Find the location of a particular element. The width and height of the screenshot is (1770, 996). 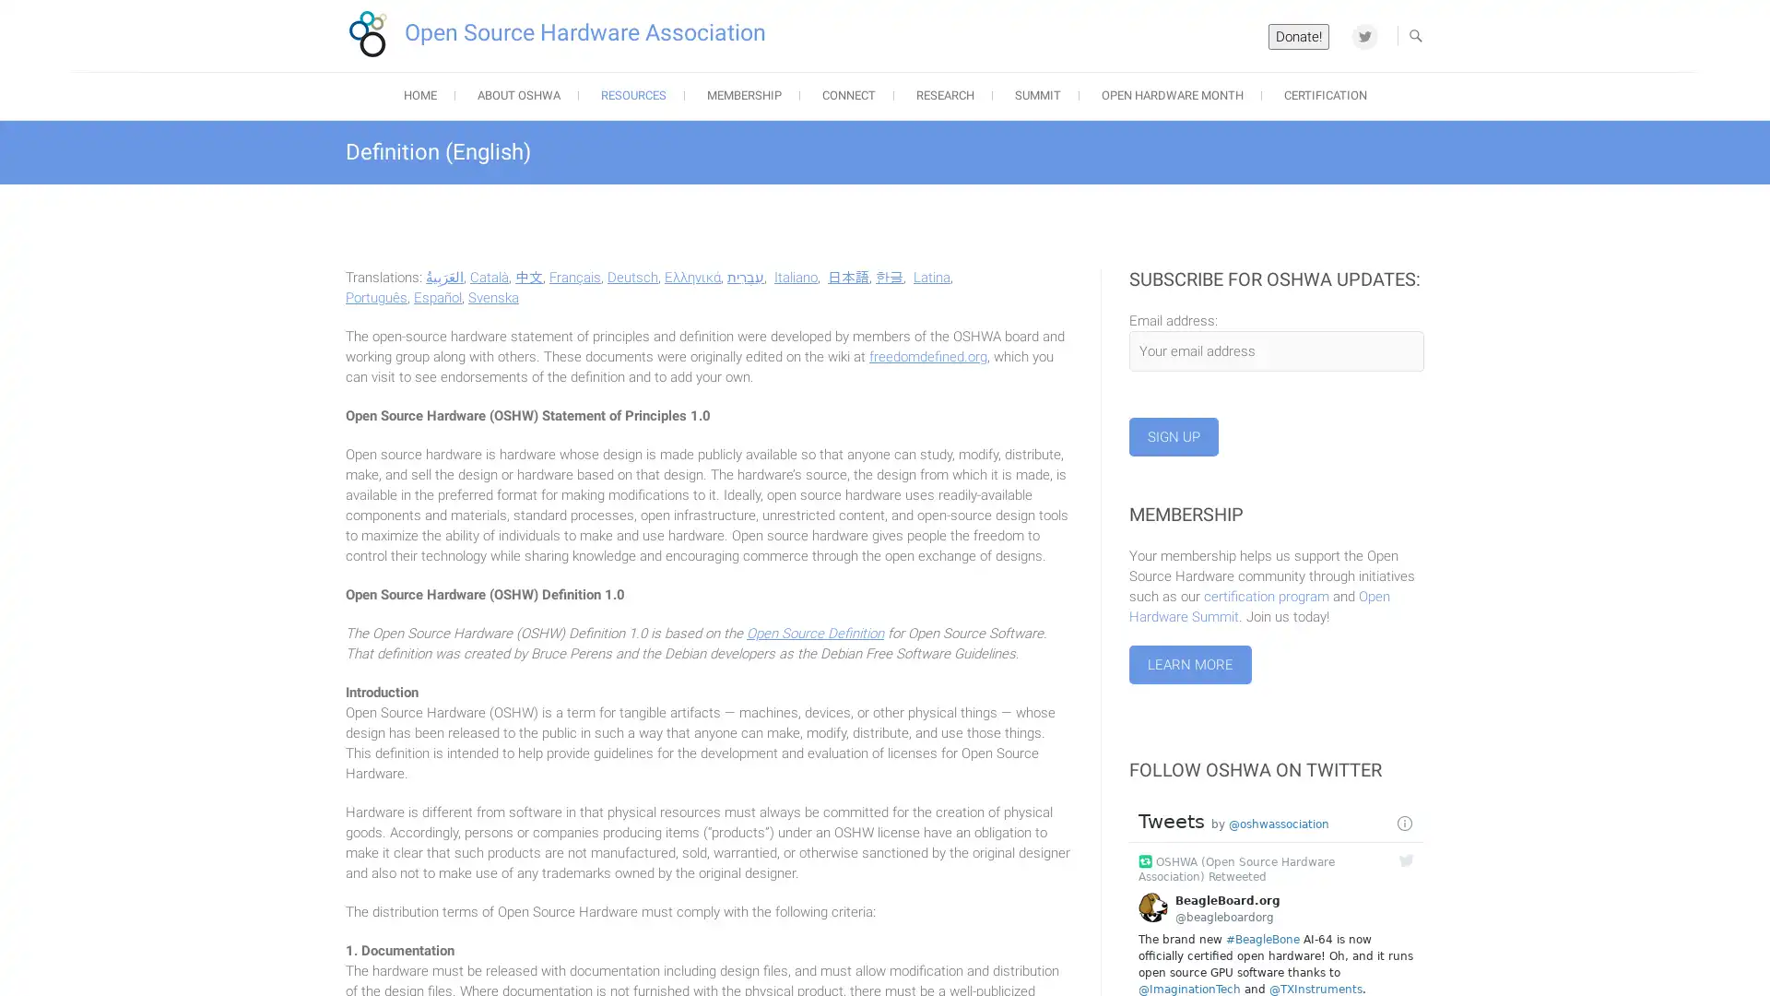

Donate! is located at coordinates (1298, 36).